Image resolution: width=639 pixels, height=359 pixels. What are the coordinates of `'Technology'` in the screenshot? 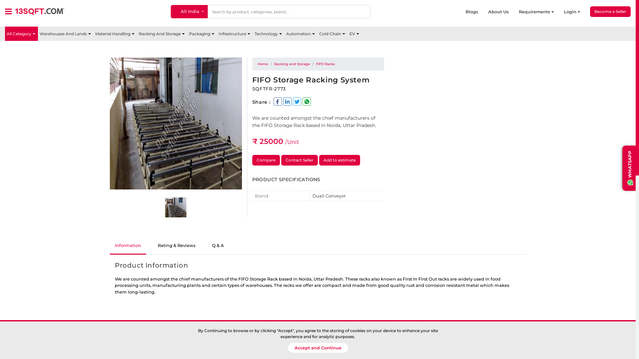 It's located at (269, 34).